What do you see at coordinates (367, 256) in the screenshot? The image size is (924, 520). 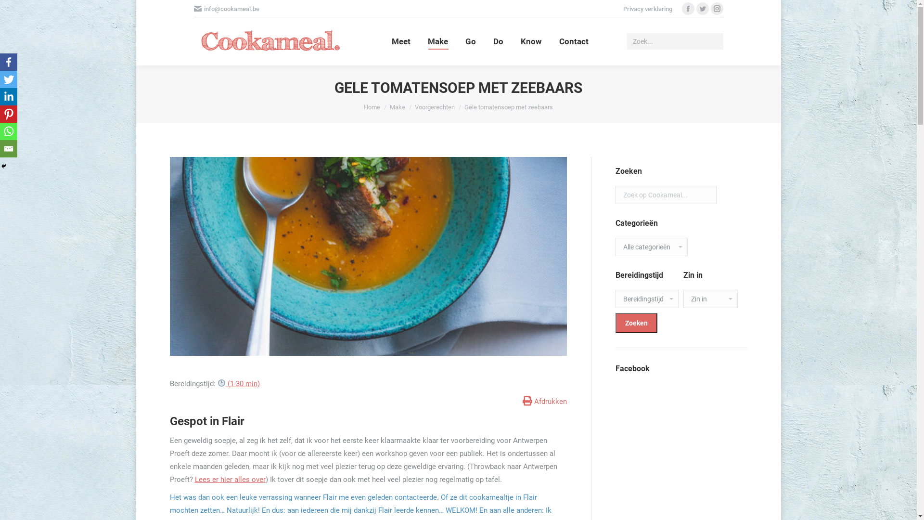 I see `'soepje-main'` at bounding box center [367, 256].